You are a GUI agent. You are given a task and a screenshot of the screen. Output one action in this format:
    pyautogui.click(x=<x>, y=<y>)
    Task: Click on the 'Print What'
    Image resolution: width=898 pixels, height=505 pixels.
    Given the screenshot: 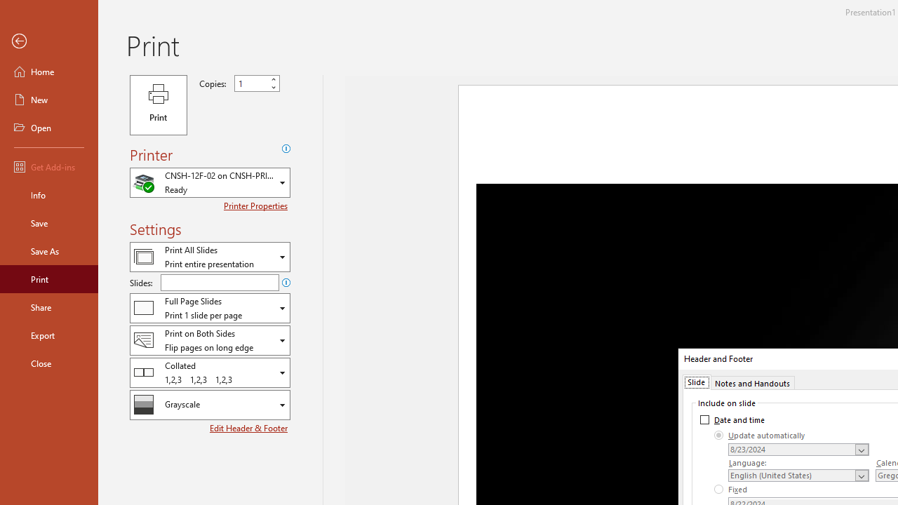 What is the action you would take?
    pyautogui.click(x=209, y=257)
    